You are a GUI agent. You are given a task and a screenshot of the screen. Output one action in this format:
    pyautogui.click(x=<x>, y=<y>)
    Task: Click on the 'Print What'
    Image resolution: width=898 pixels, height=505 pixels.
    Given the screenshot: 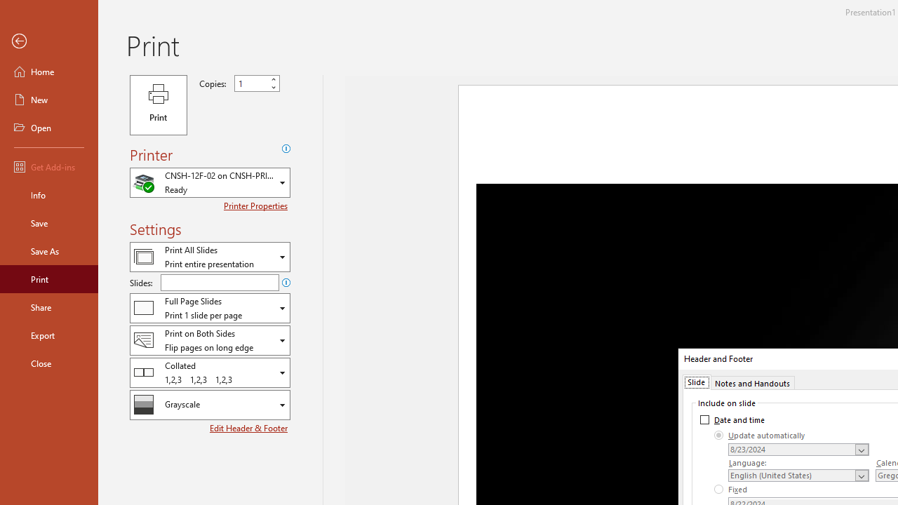 What is the action you would take?
    pyautogui.click(x=209, y=257)
    